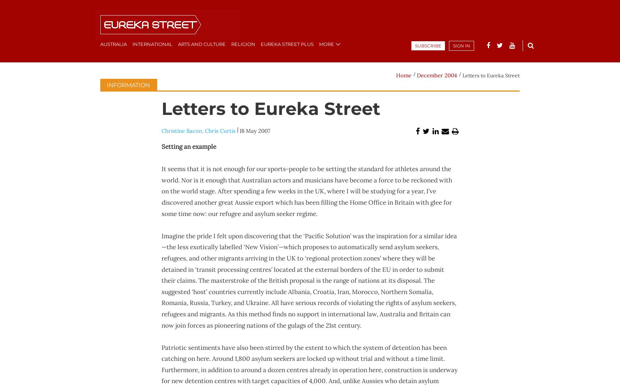 This screenshot has width=620, height=386. I want to click on 'Setting an example', so click(188, 147).